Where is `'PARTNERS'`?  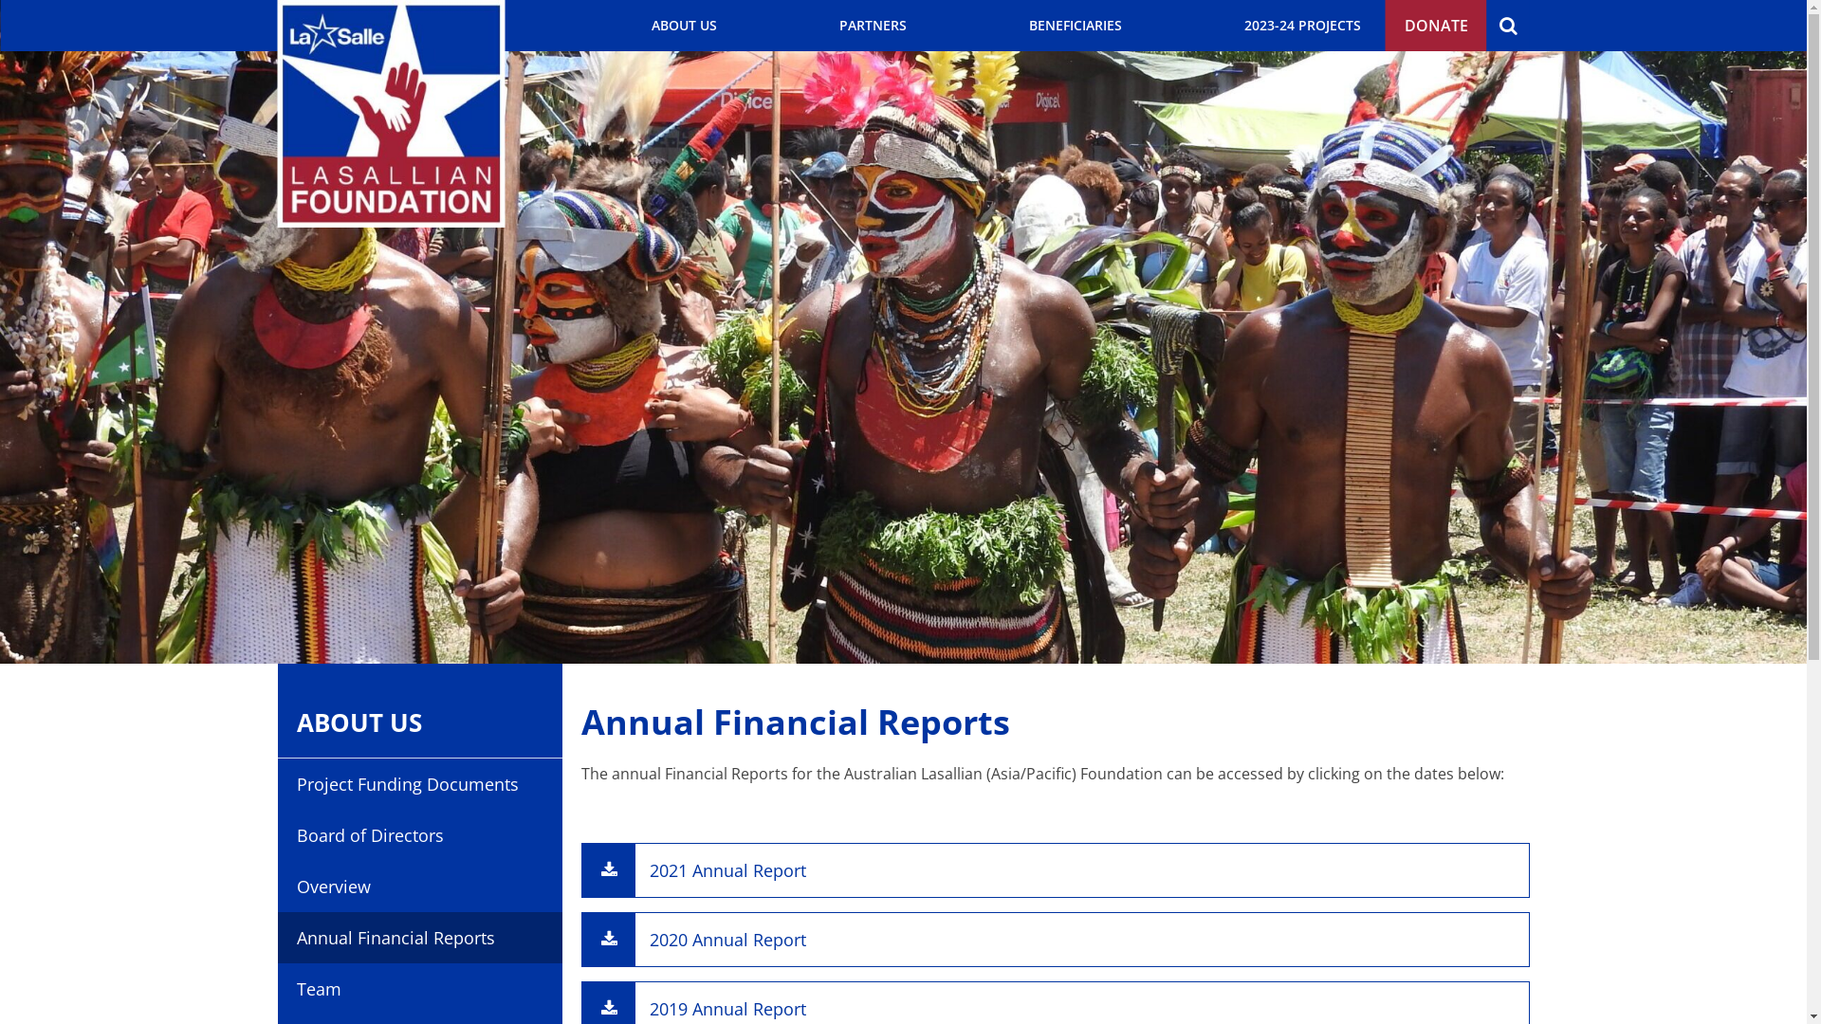
'PARTNERS' is located at coordinates (871, 26).